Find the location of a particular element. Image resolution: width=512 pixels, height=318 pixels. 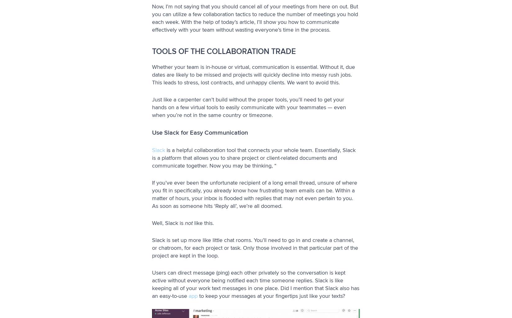

'Just like a carpenter can’t build without the proper tools, you’ll need to get your hands on a few virtual tools to easily communicate with your teammates — even when you’re not in the same country or timezone.' is located at coordinates (249, 106).